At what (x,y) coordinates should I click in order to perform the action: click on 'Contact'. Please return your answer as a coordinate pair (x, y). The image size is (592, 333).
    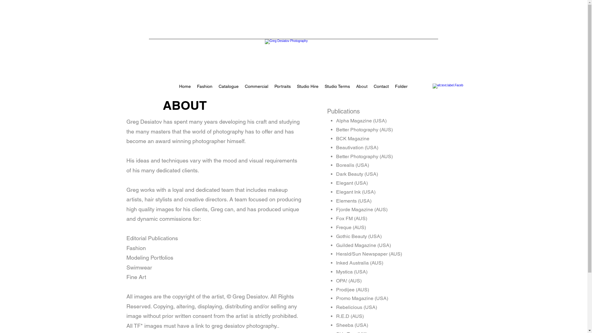
    Looking at the image, I should click on (381, 86).